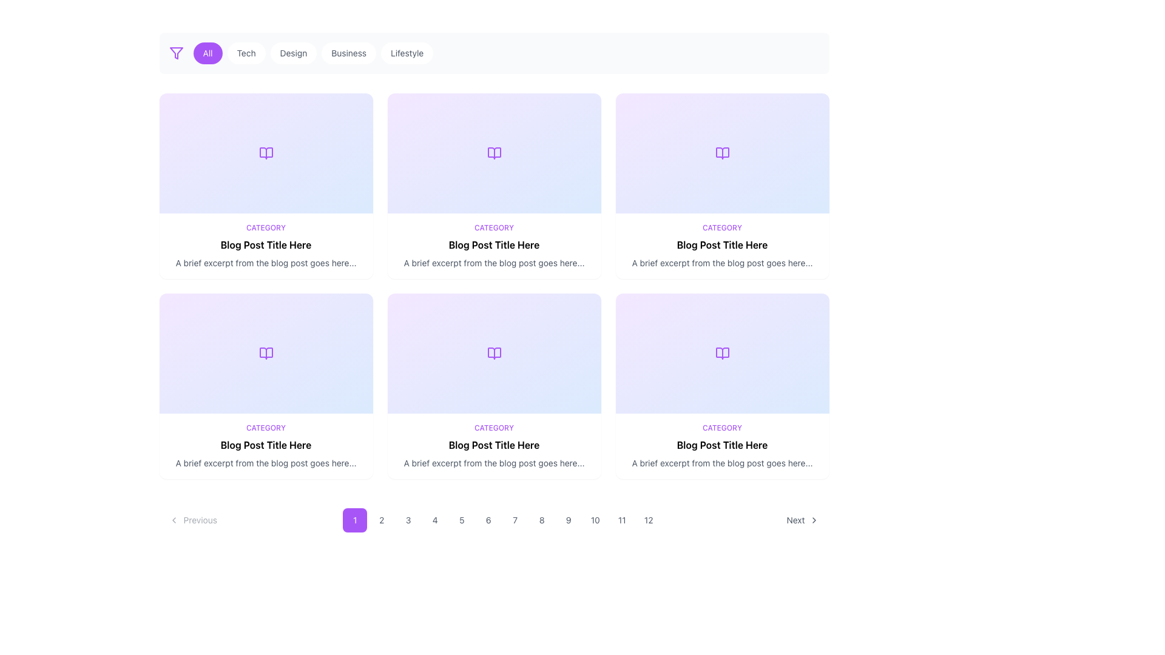  I want to click on the Text block that provides a preview of a blog post, including its category, title, and brief excerpt, so click(265, 446).